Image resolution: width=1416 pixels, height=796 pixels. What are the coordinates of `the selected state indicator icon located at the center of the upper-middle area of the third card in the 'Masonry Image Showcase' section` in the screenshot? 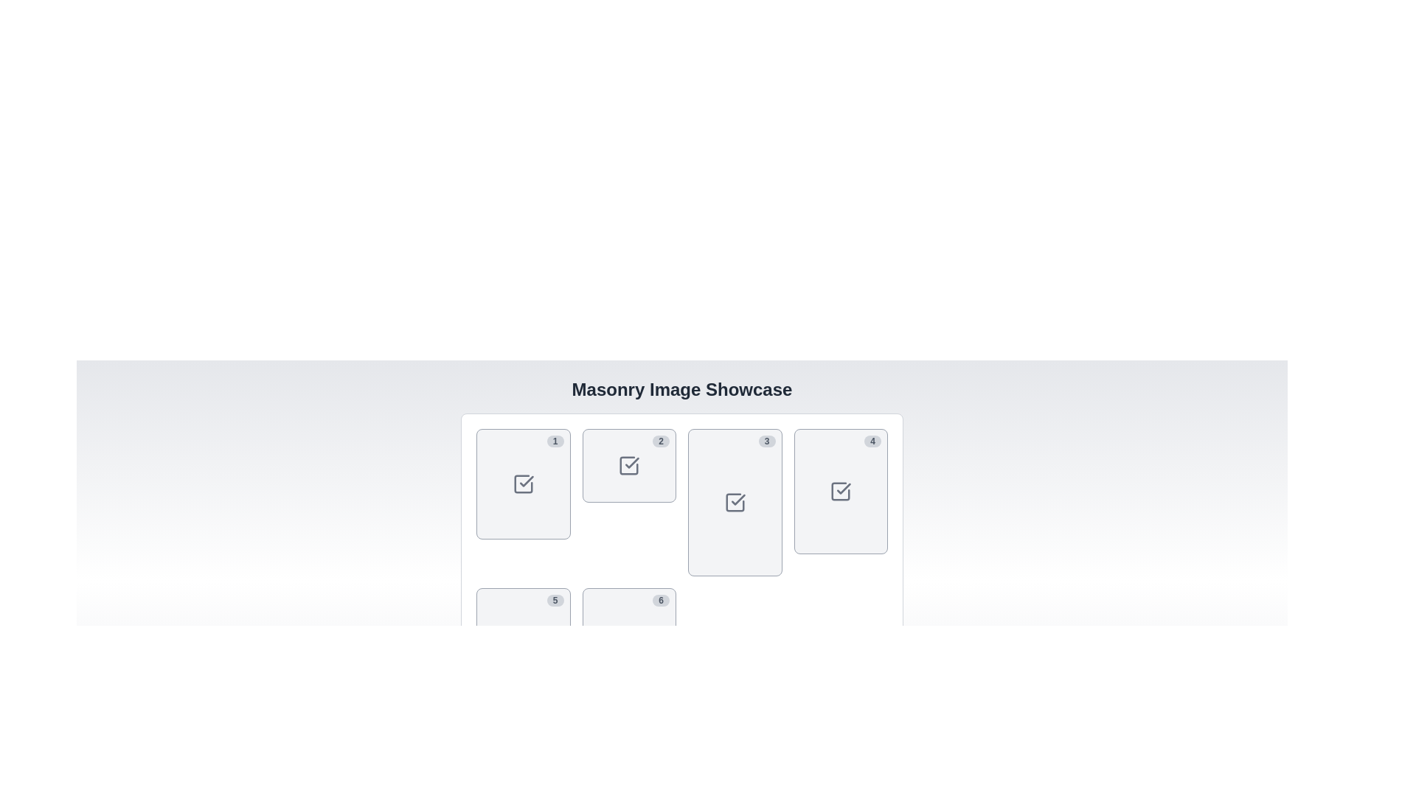 It's located at (735, 502).